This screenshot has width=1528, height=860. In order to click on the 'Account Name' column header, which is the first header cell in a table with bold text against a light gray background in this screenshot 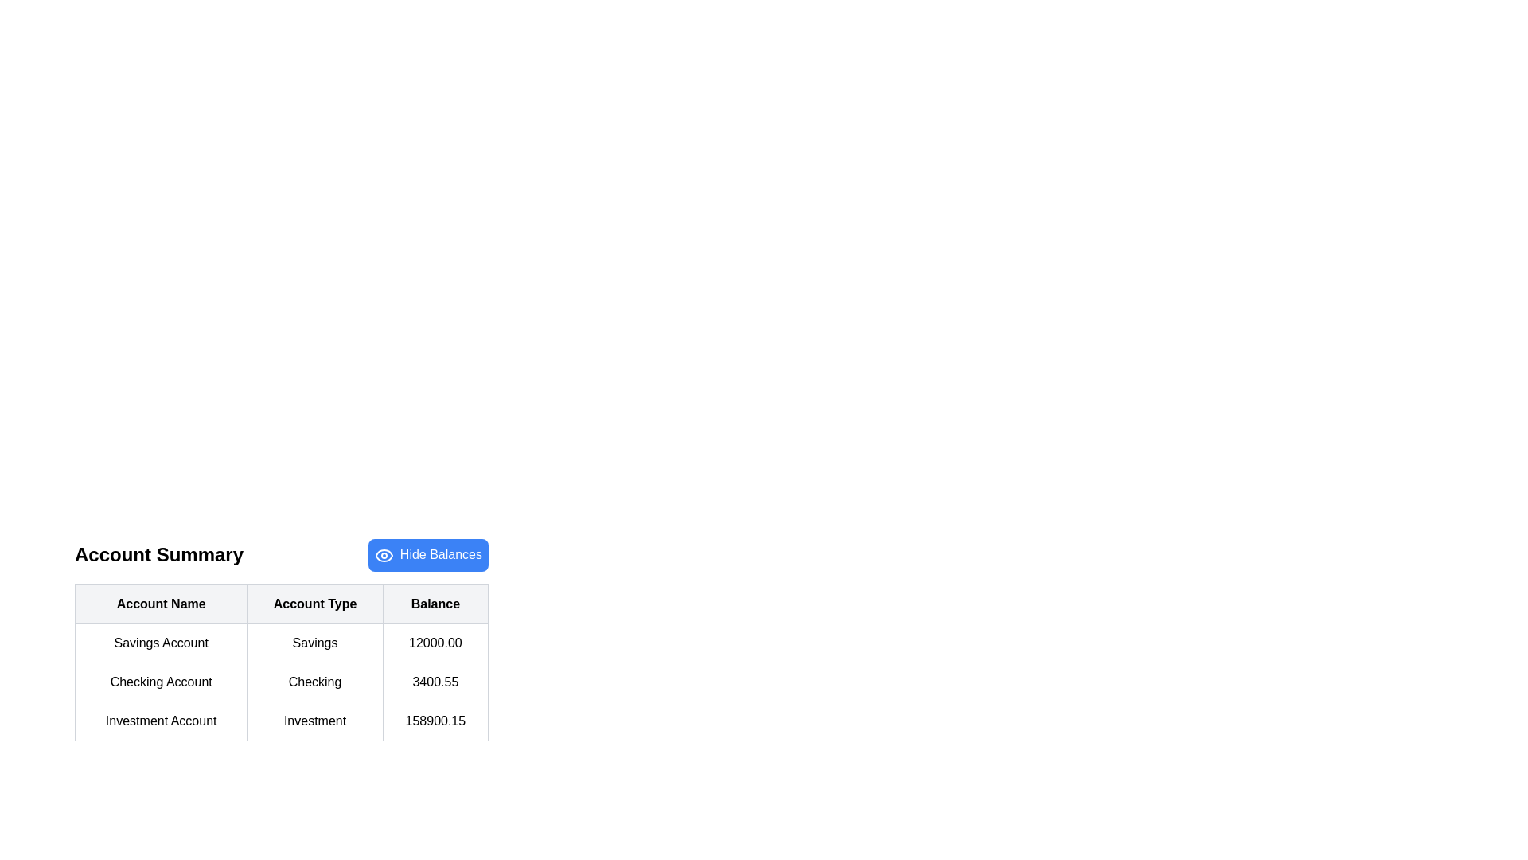, I will do `click(161, 604)`.